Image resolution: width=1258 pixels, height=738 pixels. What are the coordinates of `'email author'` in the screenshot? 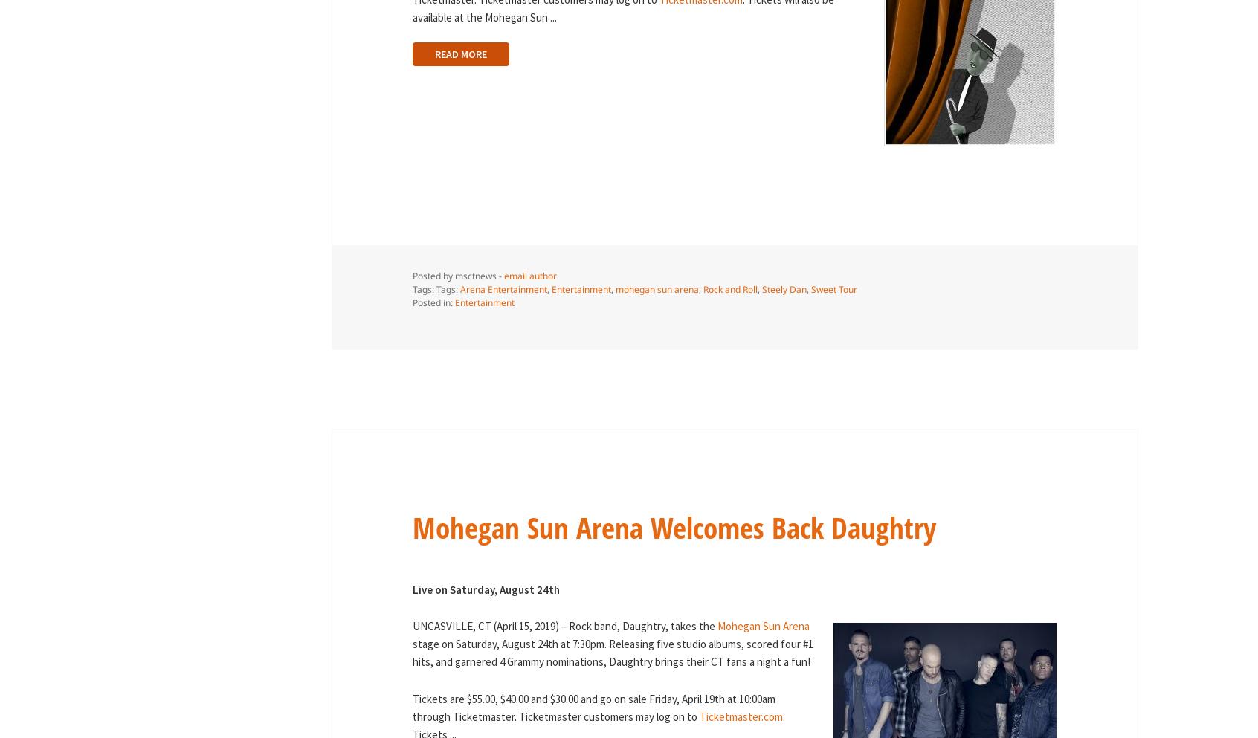 It's located at (529, 275).